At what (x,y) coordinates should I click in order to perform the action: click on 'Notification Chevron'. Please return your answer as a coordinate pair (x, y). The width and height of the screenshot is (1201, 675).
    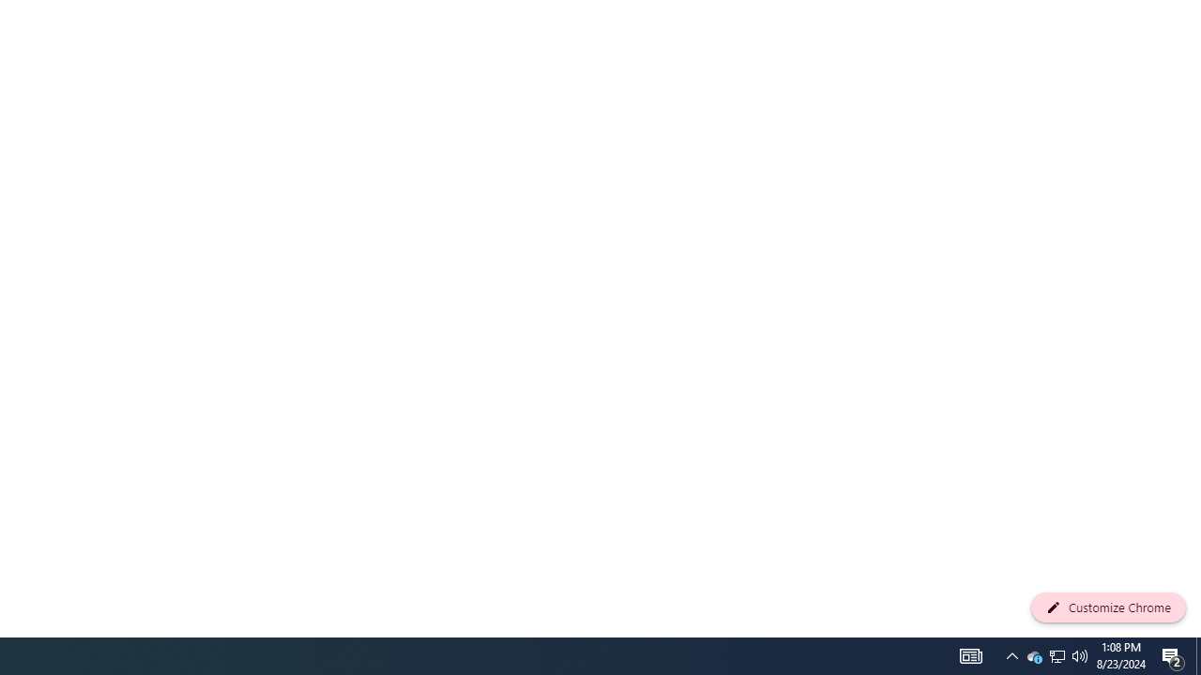
    Looking at the image, I should click on (1033, 654).